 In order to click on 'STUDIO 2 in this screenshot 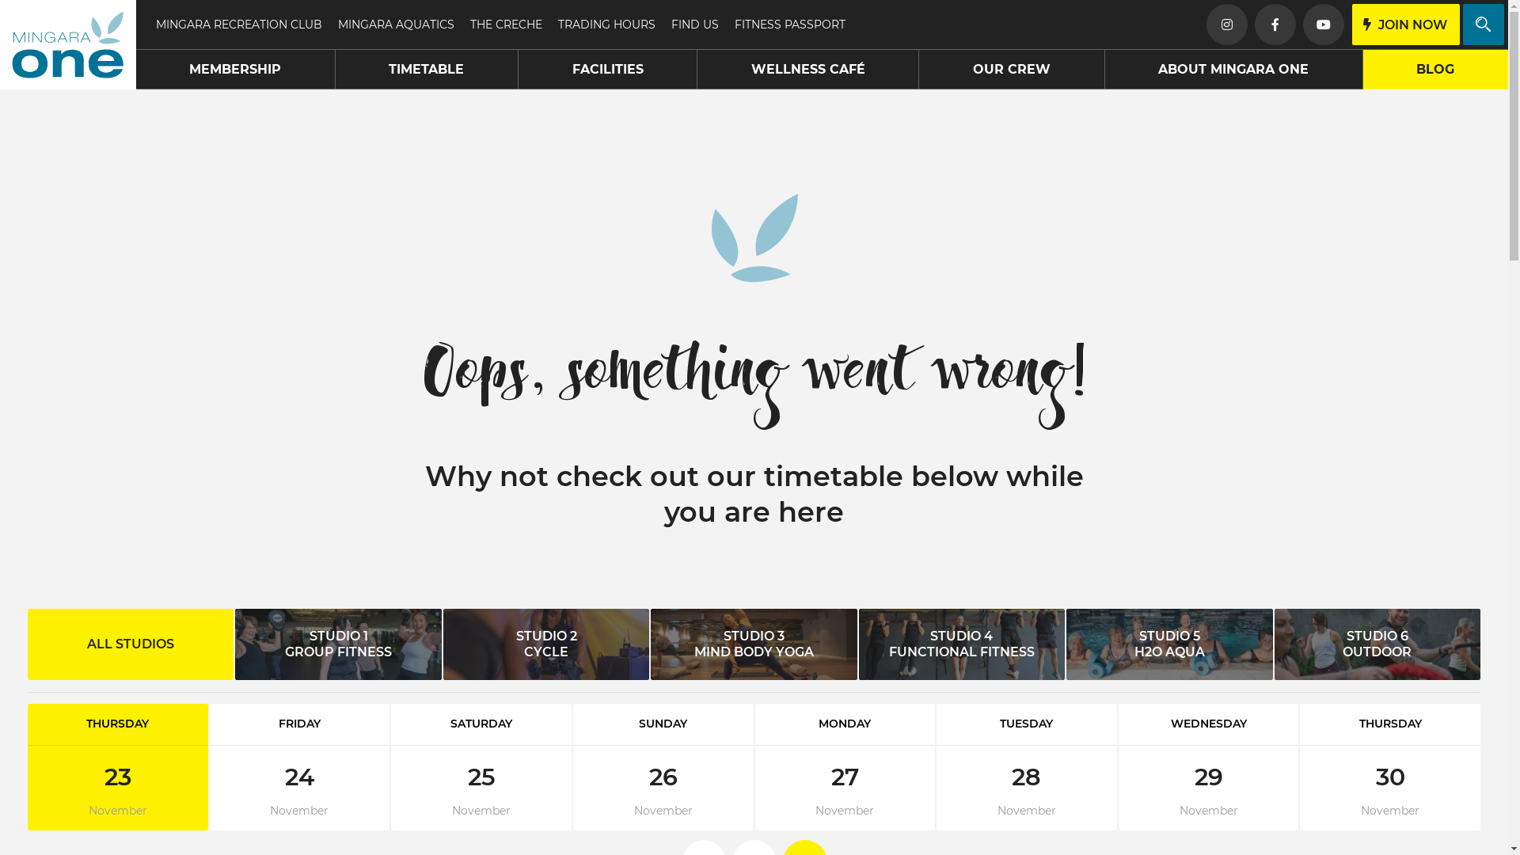, I will do `click(443, 644)`.